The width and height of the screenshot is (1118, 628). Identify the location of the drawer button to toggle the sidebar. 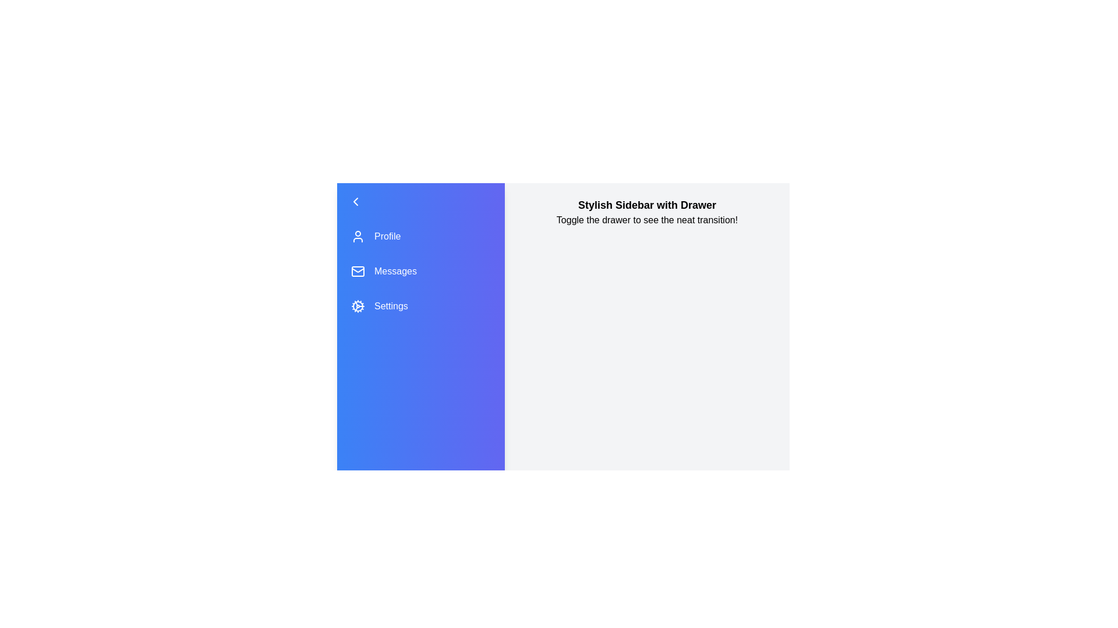
(420, 201).